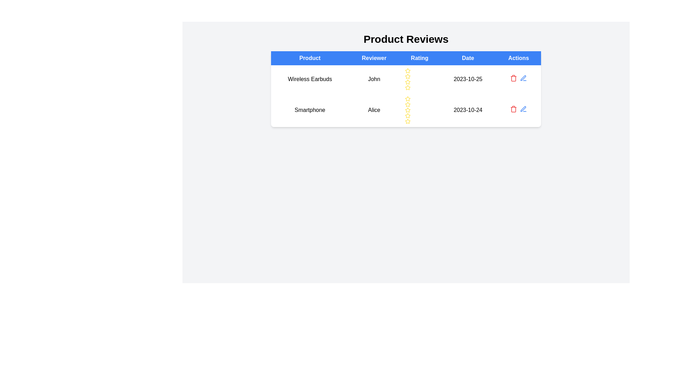 The width and height of the screenshot is (675, 379). Describe the element at coordinates (408, 81) in the screenshot. I see `the second star icon in the Rating column of the product 'Wireless Earbuds'` at that location.